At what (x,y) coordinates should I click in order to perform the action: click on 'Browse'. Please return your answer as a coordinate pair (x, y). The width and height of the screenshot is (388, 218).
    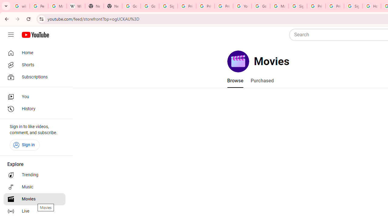
    Looking at the image, I should click on (235, 81).